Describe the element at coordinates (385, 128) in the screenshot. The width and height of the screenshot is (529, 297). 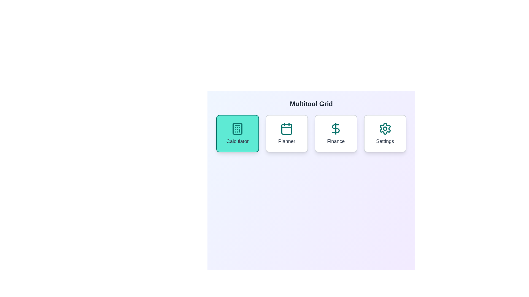
I see `the gear icon in the bottom-right position of the 'Multitool Grid' layout` at that location.